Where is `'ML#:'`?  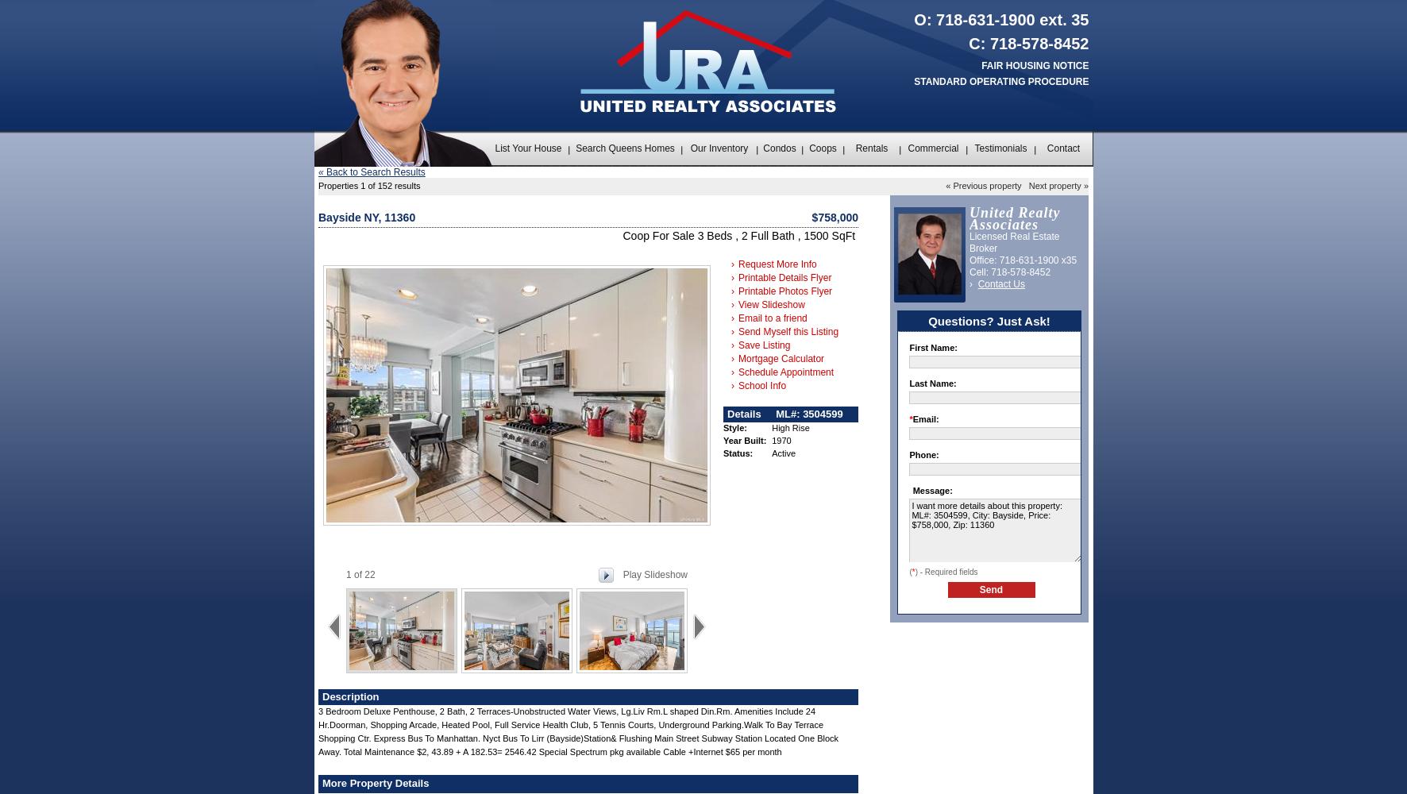
'ML#:' is located at coordinates (788, 414).